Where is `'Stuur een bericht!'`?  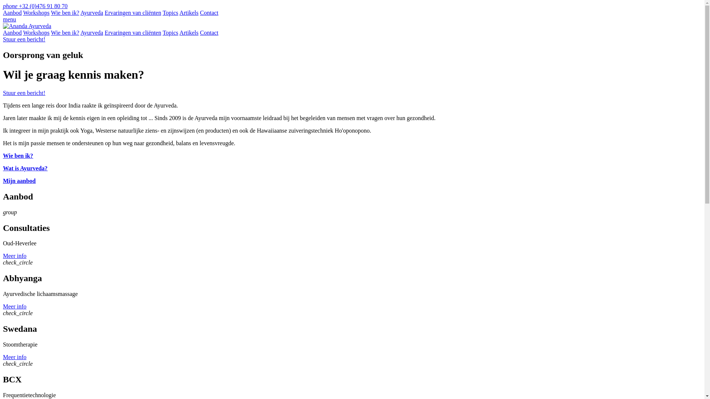
'Stuur een bericht!' is located at coordinates (24, 39).